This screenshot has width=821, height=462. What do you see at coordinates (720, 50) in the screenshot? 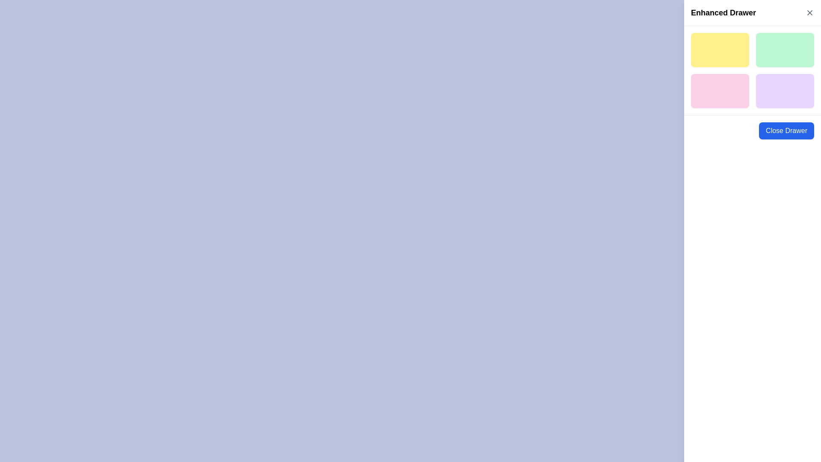
I see `the Decorative block with a yellow background, located in the top-left corner of a 2x2 grid, adjacent to a green block on its right side` at bounding box center [720, 50].